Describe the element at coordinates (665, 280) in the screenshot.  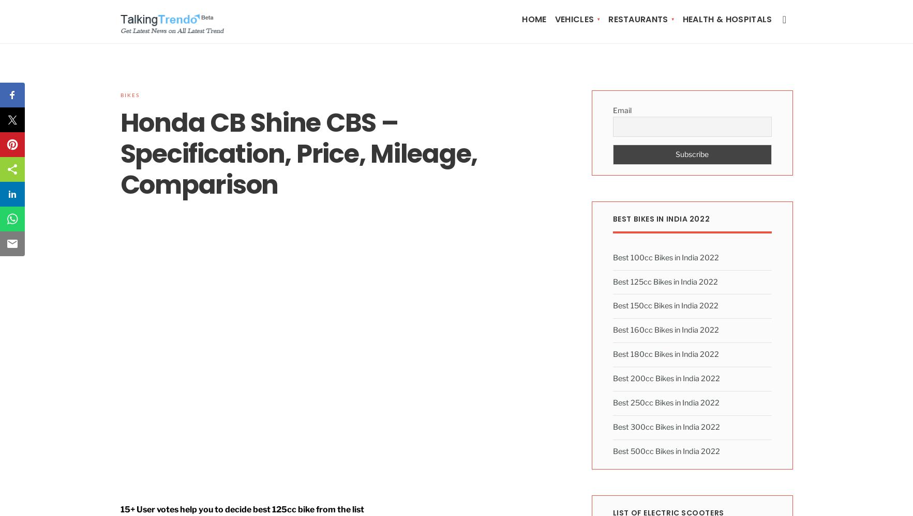
I see `'Best 125cc Bikes in India 2022'` at that location.